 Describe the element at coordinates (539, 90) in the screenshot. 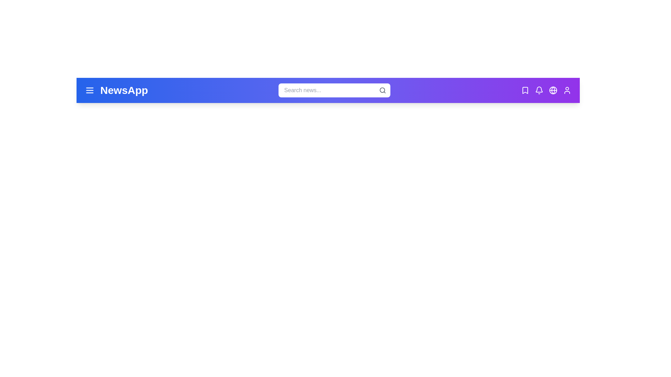

I see `the bell icon to check notifications` at that location.